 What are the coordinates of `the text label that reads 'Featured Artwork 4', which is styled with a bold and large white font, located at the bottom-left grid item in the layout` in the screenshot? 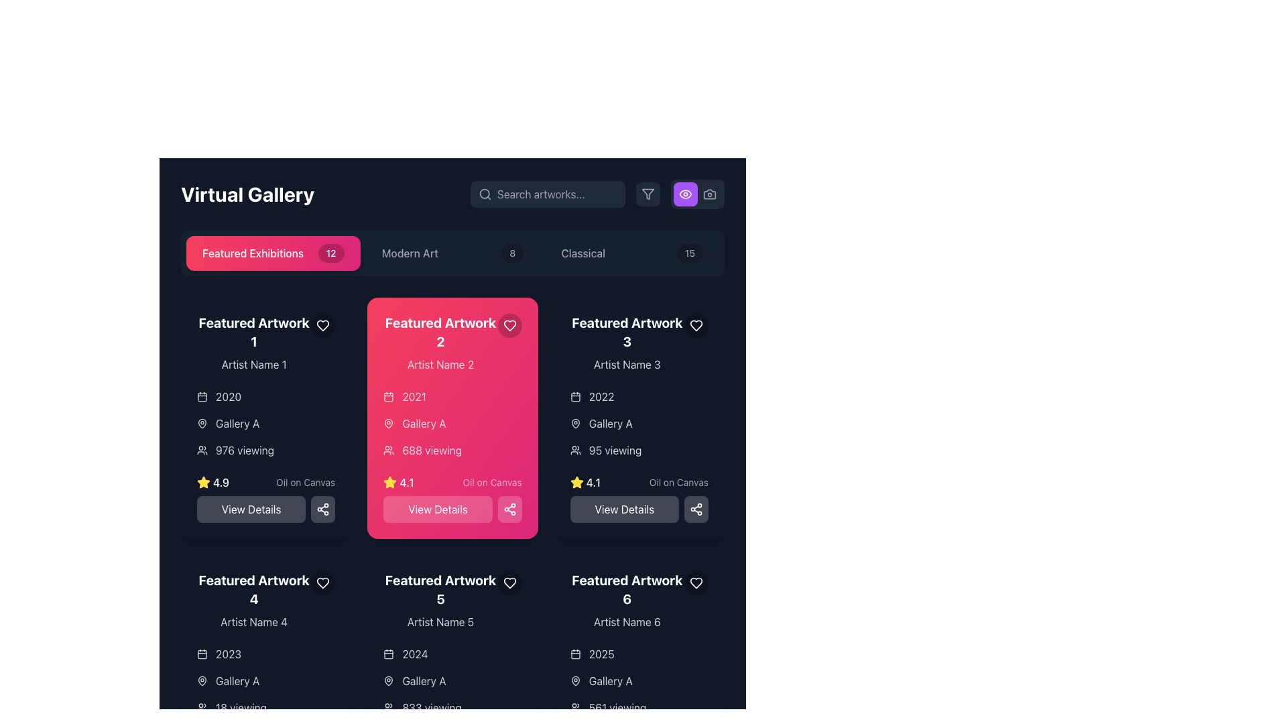 It's located at (254, 589).